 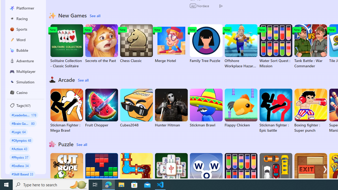 What do you see at coordinates (171, 108) in the screenshot?
I see `'Hunter Hitman'` at bounding box center [171, 108].